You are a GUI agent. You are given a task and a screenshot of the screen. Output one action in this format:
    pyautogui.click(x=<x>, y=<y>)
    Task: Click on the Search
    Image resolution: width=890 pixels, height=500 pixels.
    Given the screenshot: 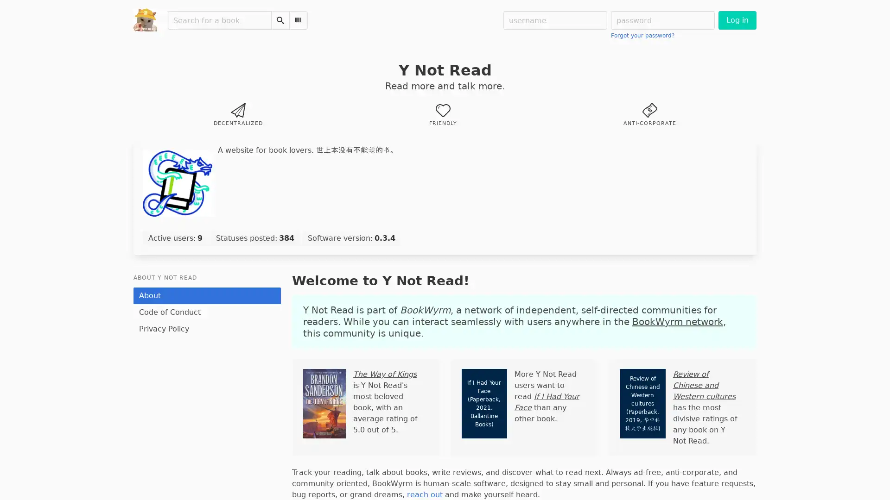 What is the action you would take?
    pyautogui.click(x=280, y=20)
    